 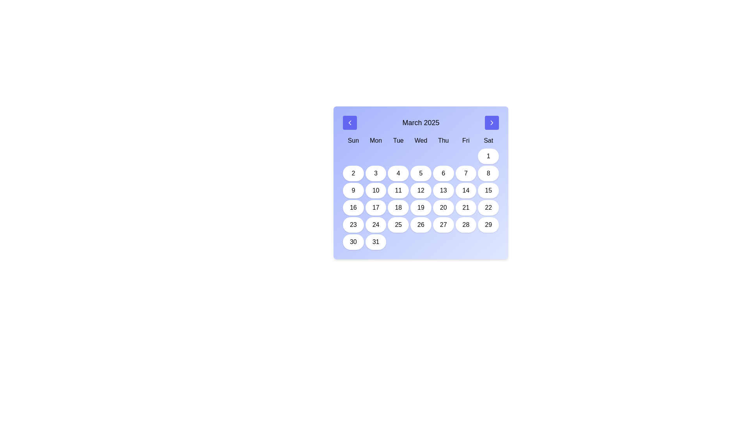 What do you see at coordinates (398, 191) in the screenshot?
I see `the button representing the day of the month in the calendar view located in the third row and third column of the grid layout` at bounding box center [398, 191].